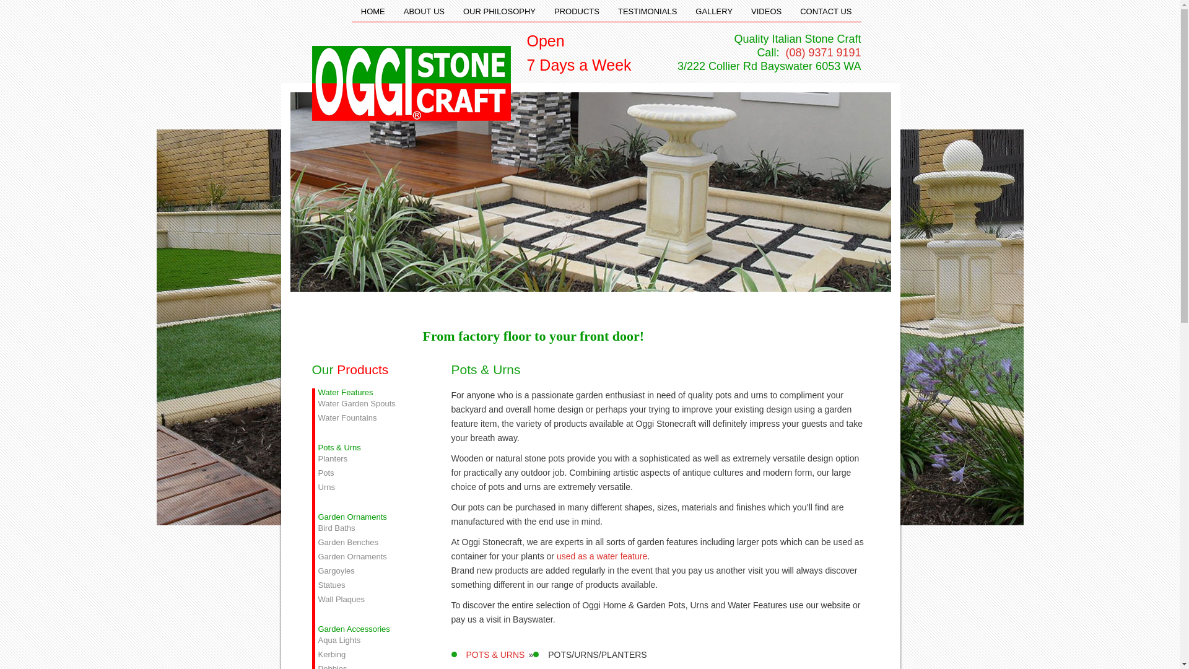 This screenshot has width=1189, height=669. I want to click on 'GALLERY', so click(686, 11).